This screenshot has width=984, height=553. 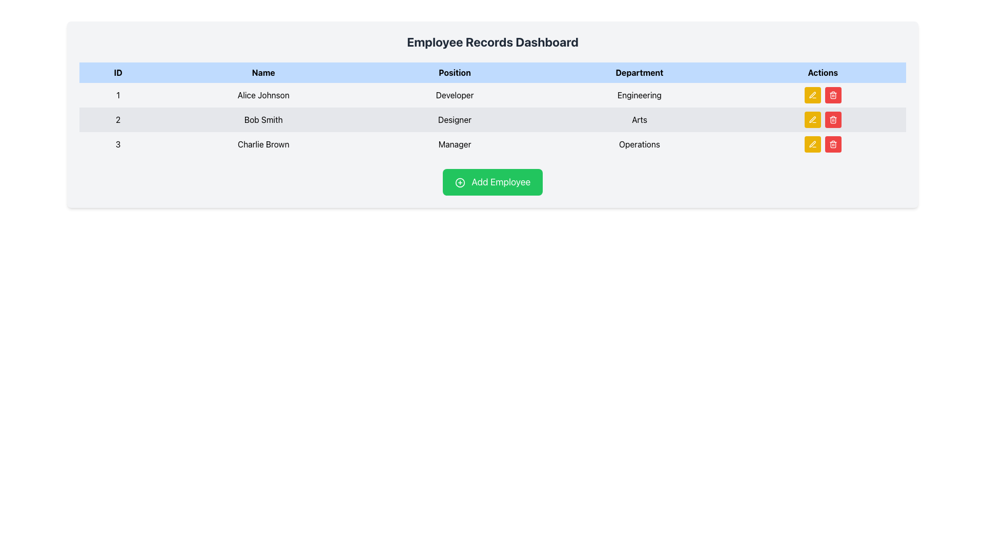 What do you see at coordinates (493, 181) in the screenshot?
I see `the button located at the bottom center of the interface` at bounding box center [493, 181].